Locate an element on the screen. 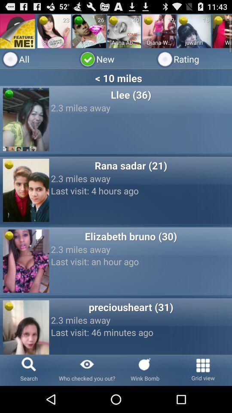 The height and width of the screenshot is (413, 232). icon above ishan item is located at coordinates (95, 29).